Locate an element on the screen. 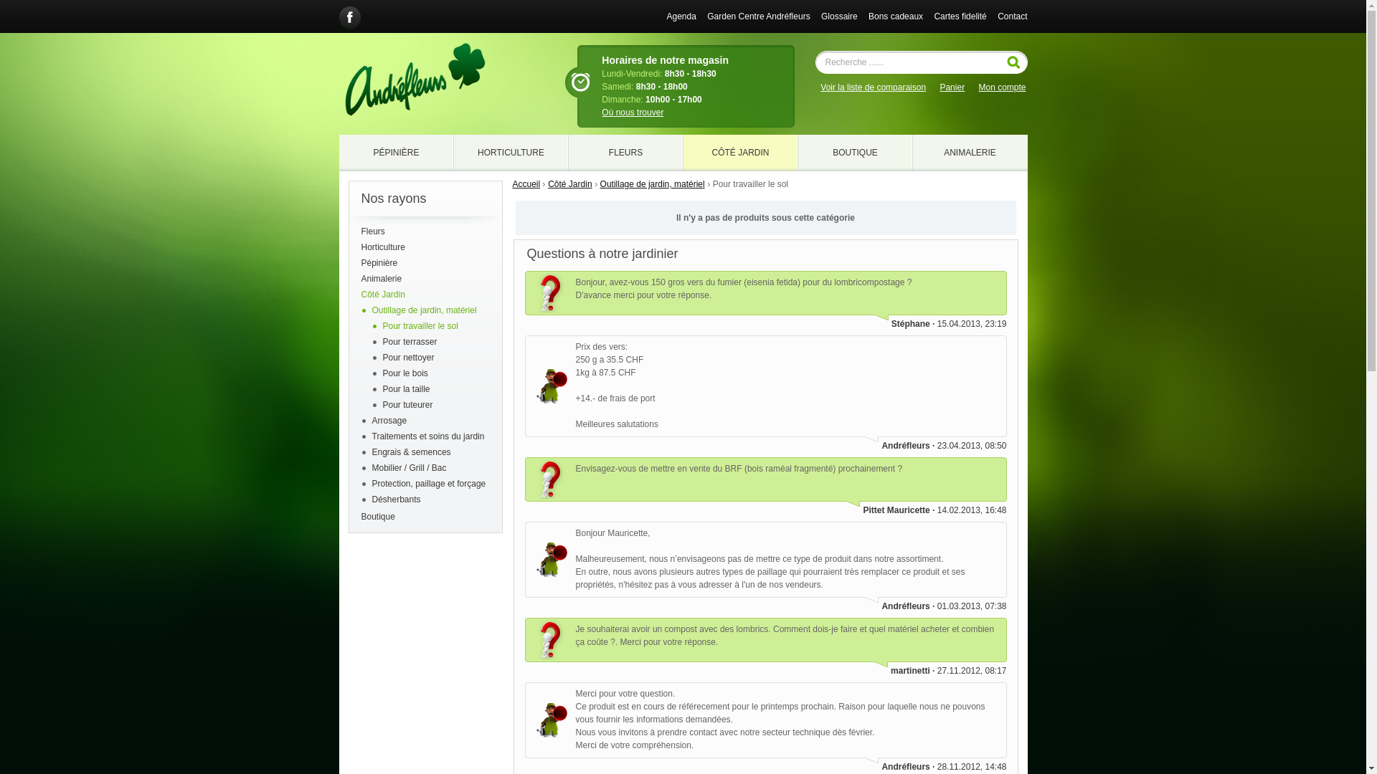 The height and width of the screenshot is (774, 1377). 'Contact' is located at coordinates (1011, 16).